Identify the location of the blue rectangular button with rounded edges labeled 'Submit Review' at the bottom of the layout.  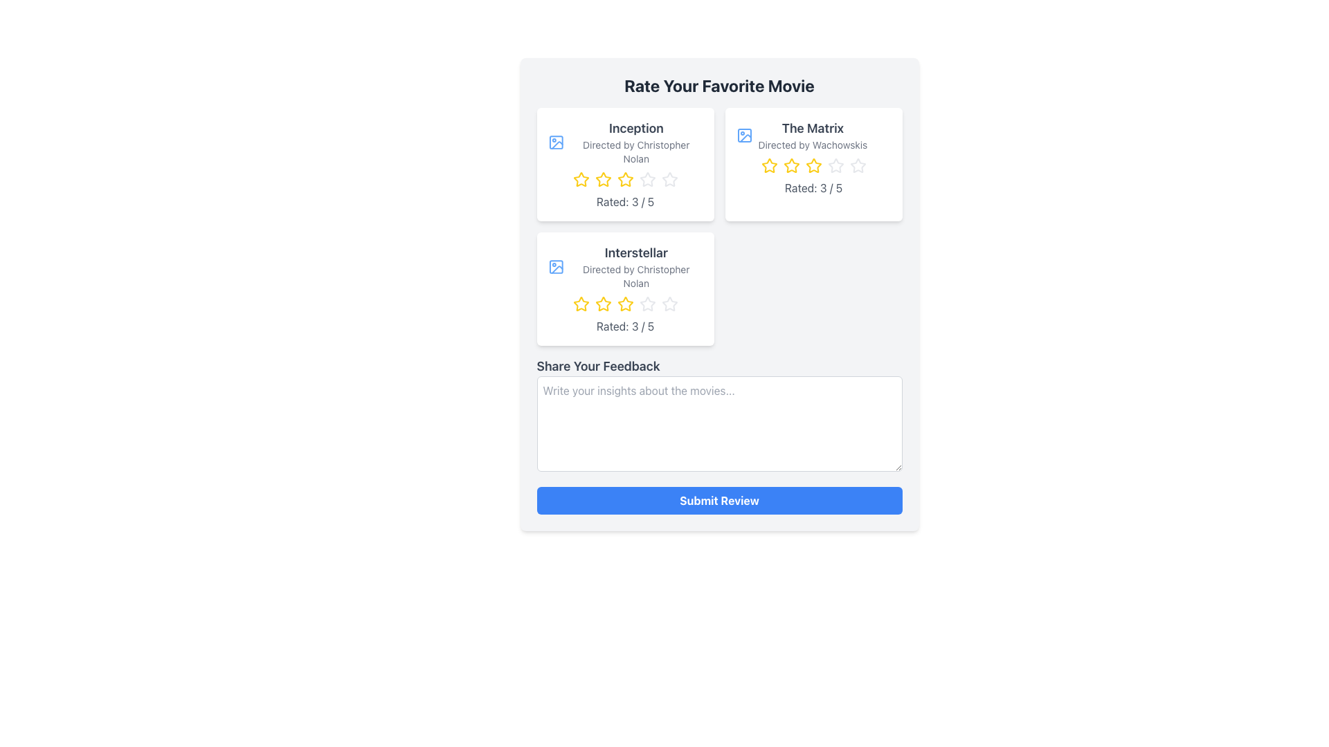
(719, 501).